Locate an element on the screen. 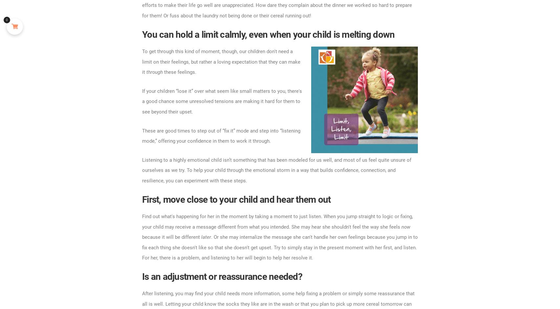 This screenshot has height=309, width=560. '0' is located at coordinates (7, 19).